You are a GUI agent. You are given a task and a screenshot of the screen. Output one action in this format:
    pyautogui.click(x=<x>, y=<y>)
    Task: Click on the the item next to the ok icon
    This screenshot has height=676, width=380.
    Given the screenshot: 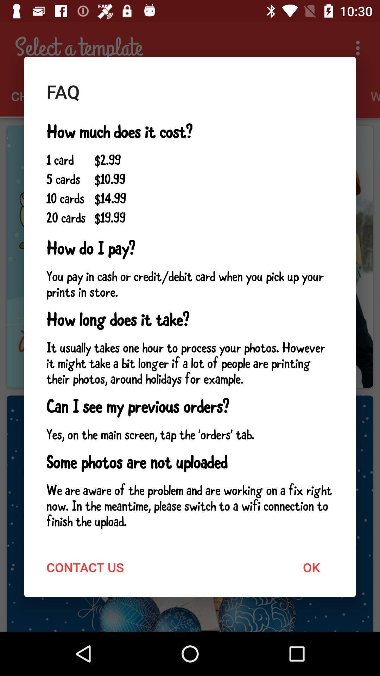 What is the action you would take?
    pyautogui.click(x=85, y=567)
    